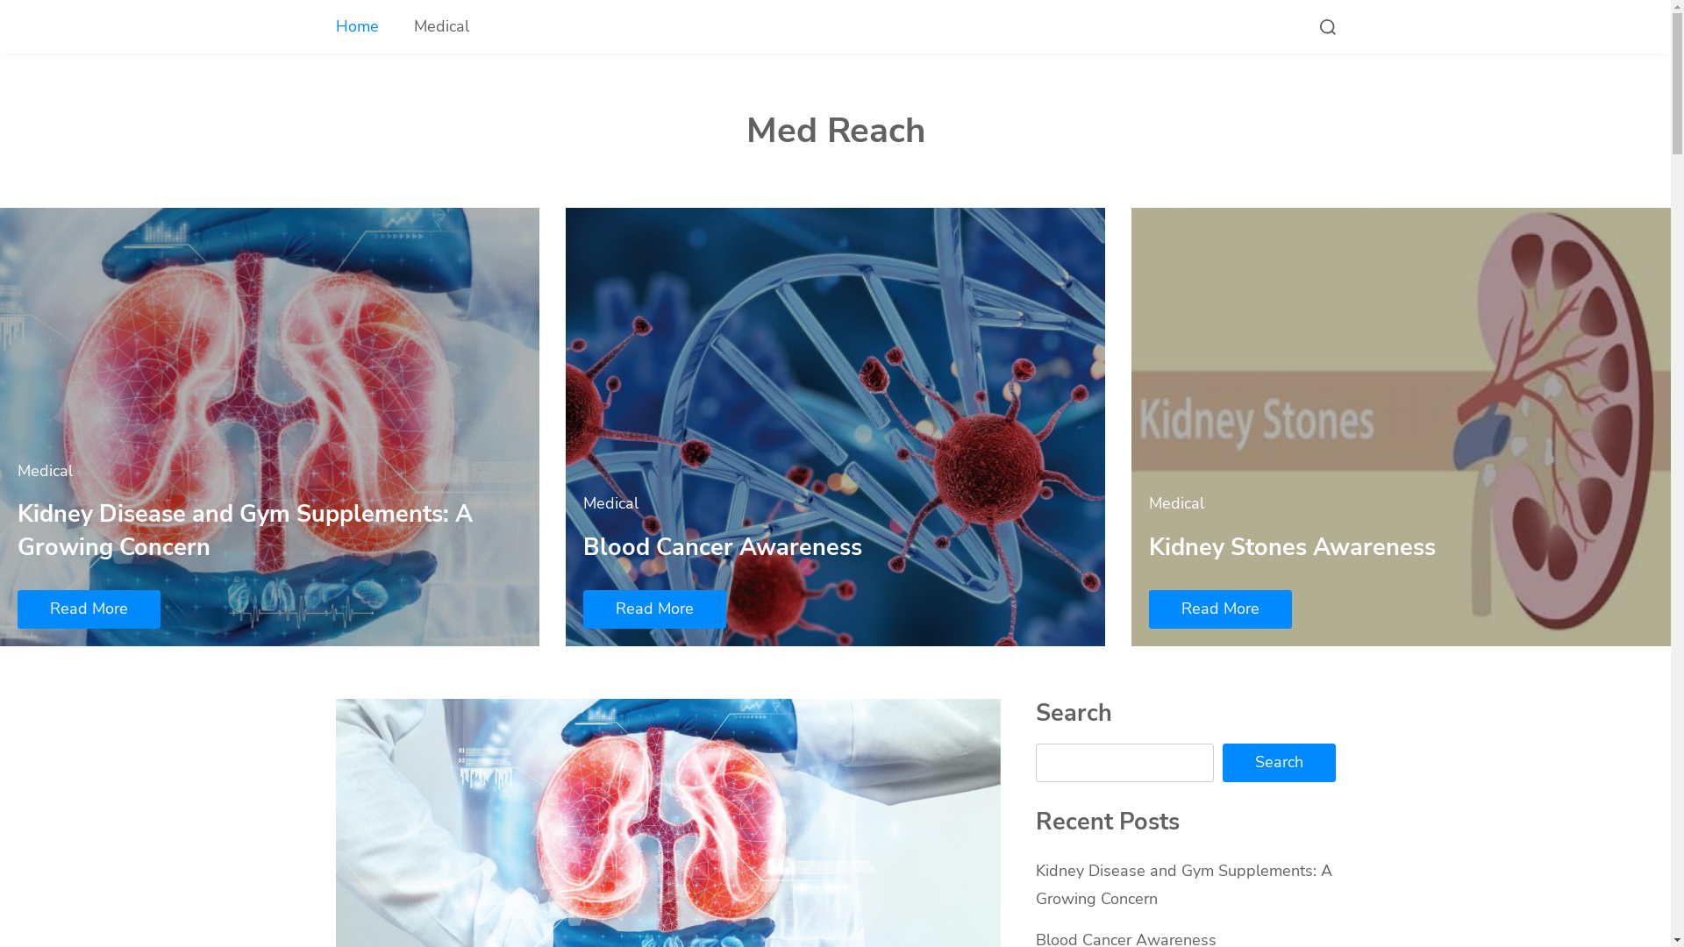 This screenshot has height=947, width=1684. Describe the element at coordinates (653, 608) in the screenshot. I see `'Read More'` at that location.